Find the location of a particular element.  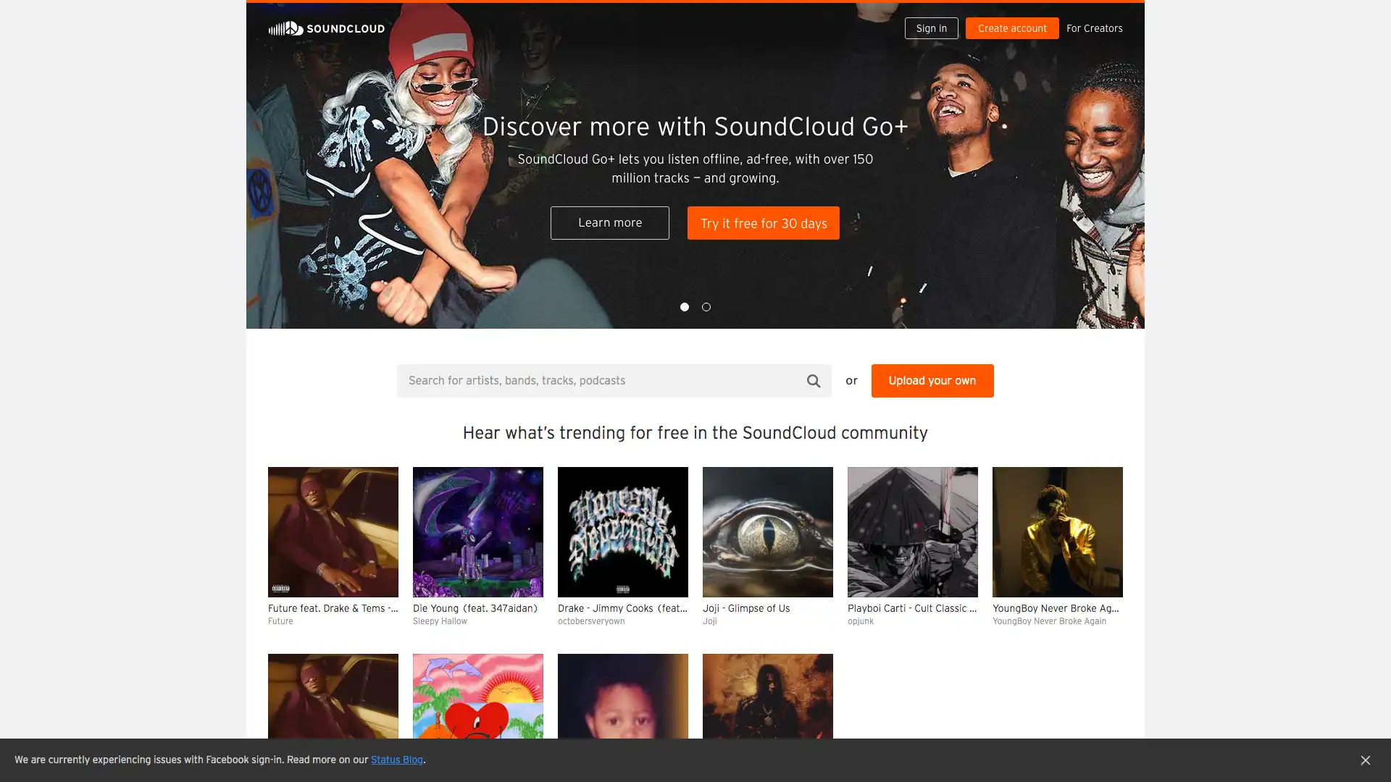

Create a SoundCloud account is located at coordinates (1014, 16).